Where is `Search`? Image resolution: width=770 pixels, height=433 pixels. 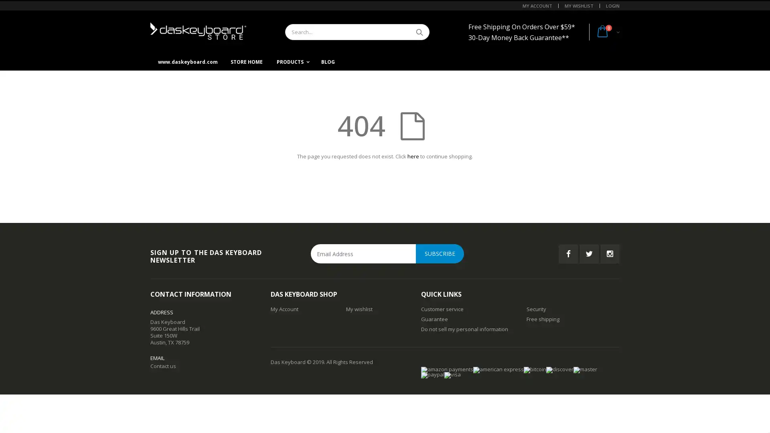
Search is located at coordinates (419, 32).